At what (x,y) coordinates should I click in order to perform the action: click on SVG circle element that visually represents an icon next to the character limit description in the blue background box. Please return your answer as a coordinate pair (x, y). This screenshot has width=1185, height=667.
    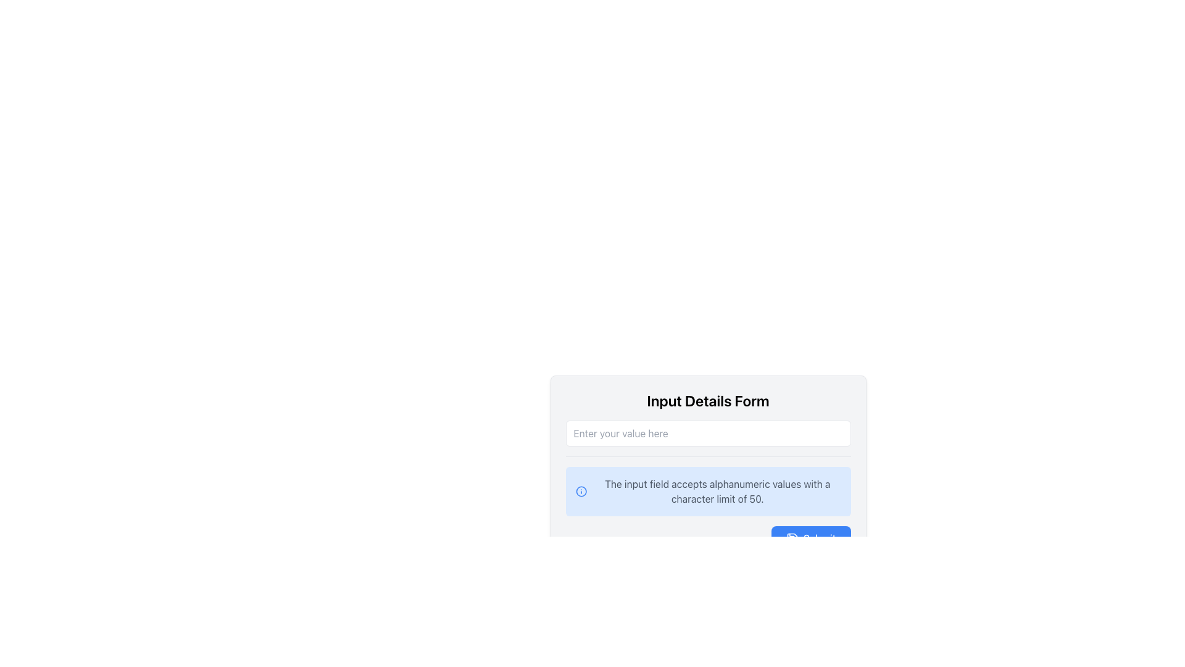
    Looking at the image, I should click on (580, 490).